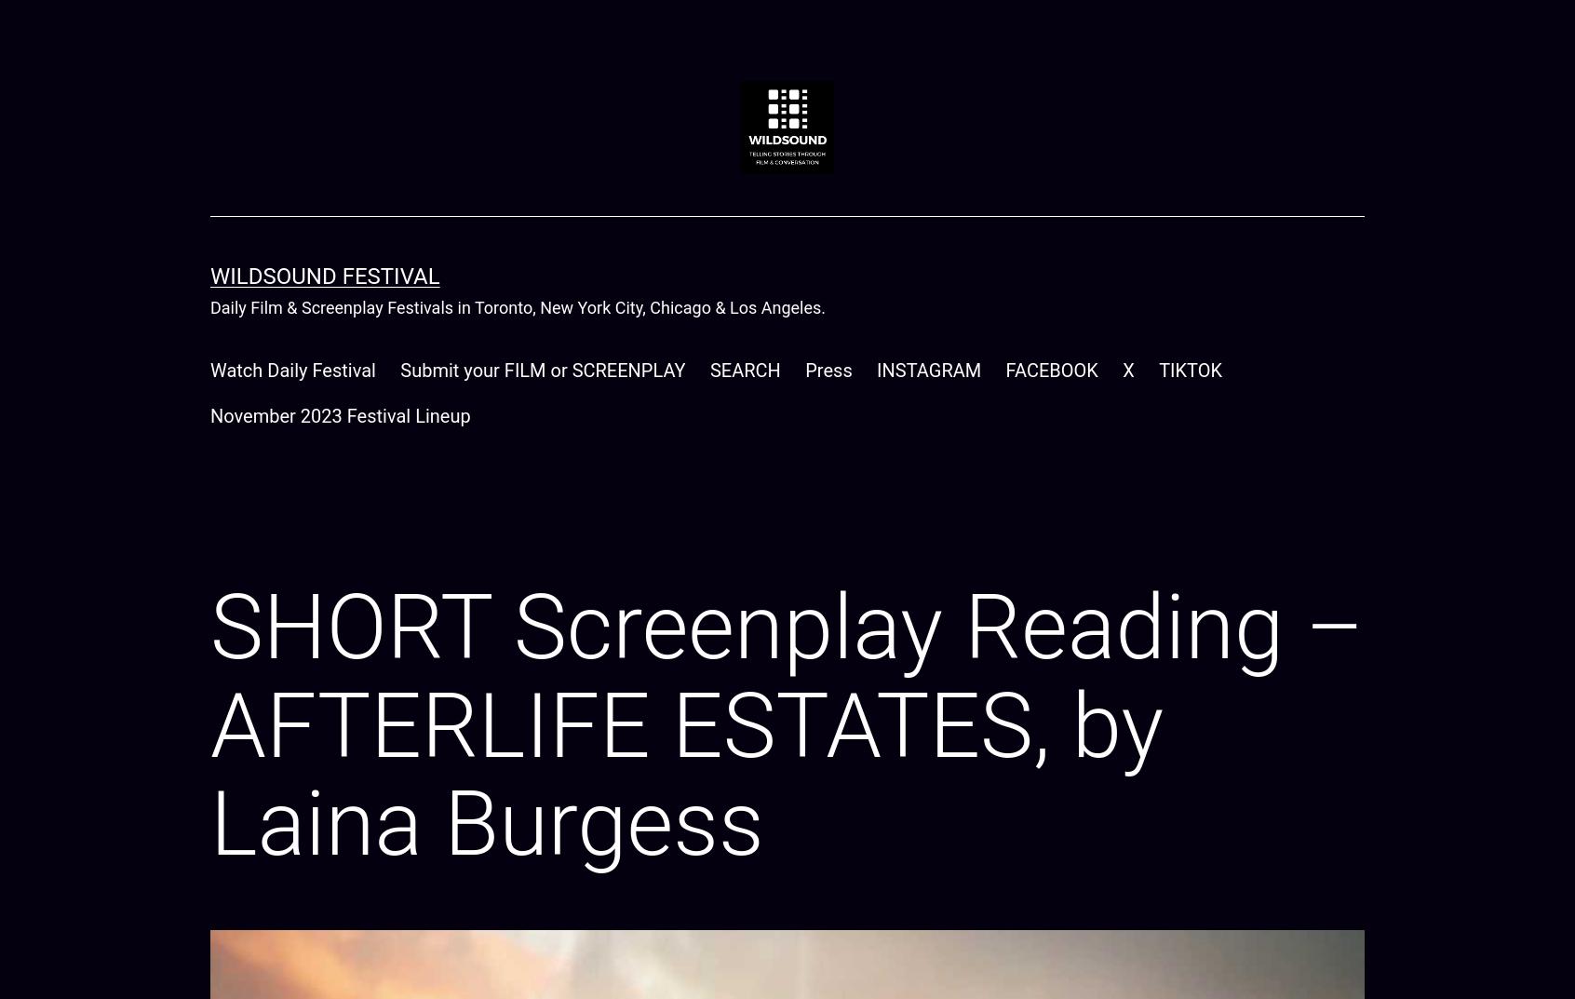 This screenshot has height=999, width=1575. Describe the element at coordinates (1189, 369) in the screenshot. I see `'TIKTOK'` at that location.